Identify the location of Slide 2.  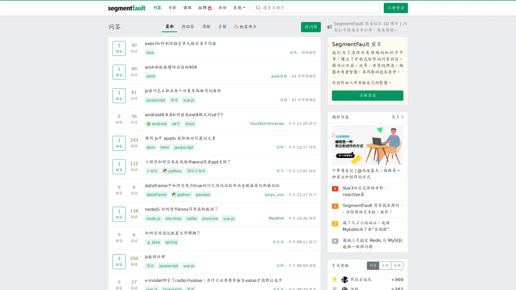
(367, 222).